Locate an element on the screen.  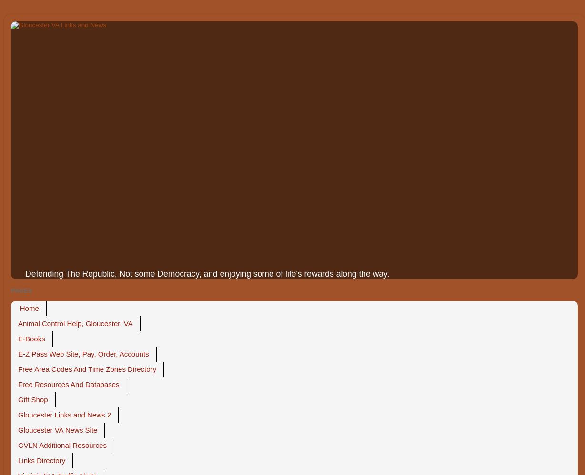
'Defending The Republic, Not some Democracy, and enjoying some of life's rewards along the way.' is located at coordinates (207, 273).